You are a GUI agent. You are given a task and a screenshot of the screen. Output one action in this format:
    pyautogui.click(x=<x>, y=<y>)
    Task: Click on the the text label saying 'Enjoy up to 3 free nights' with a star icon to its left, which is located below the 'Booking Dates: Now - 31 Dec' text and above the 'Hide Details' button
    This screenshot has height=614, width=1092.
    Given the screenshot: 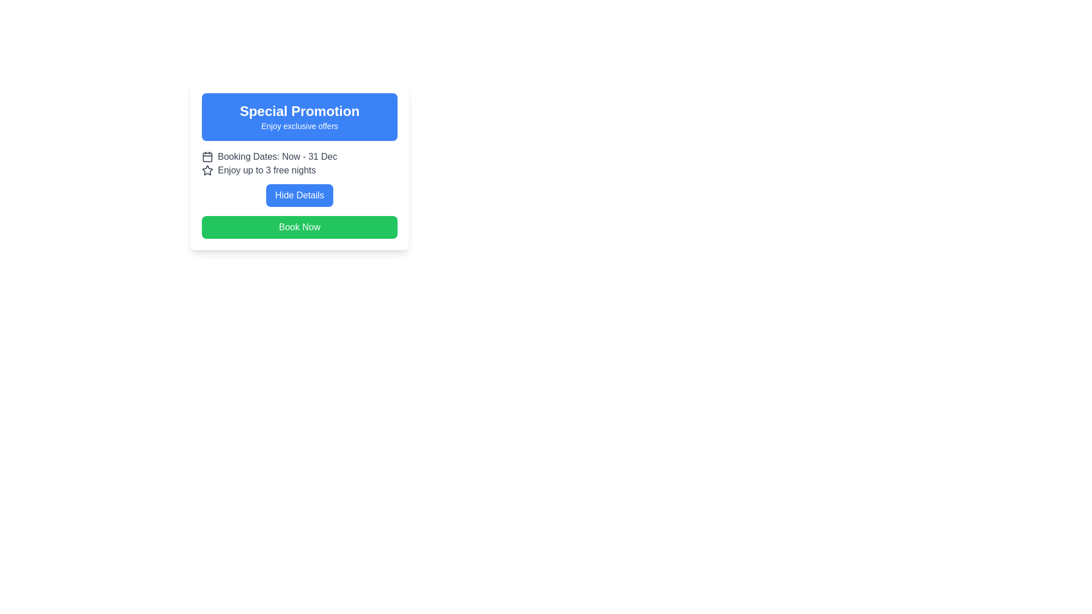 What is the action you would take?
    pyautogui.click(x=300, y=171)
    